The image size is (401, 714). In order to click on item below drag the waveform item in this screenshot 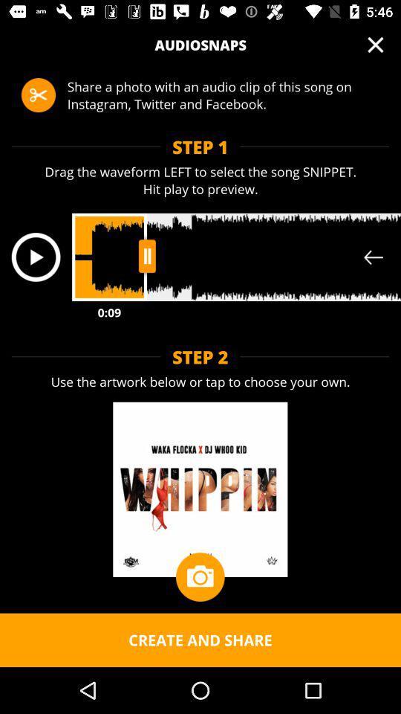, I will do `click(36, 257)`.